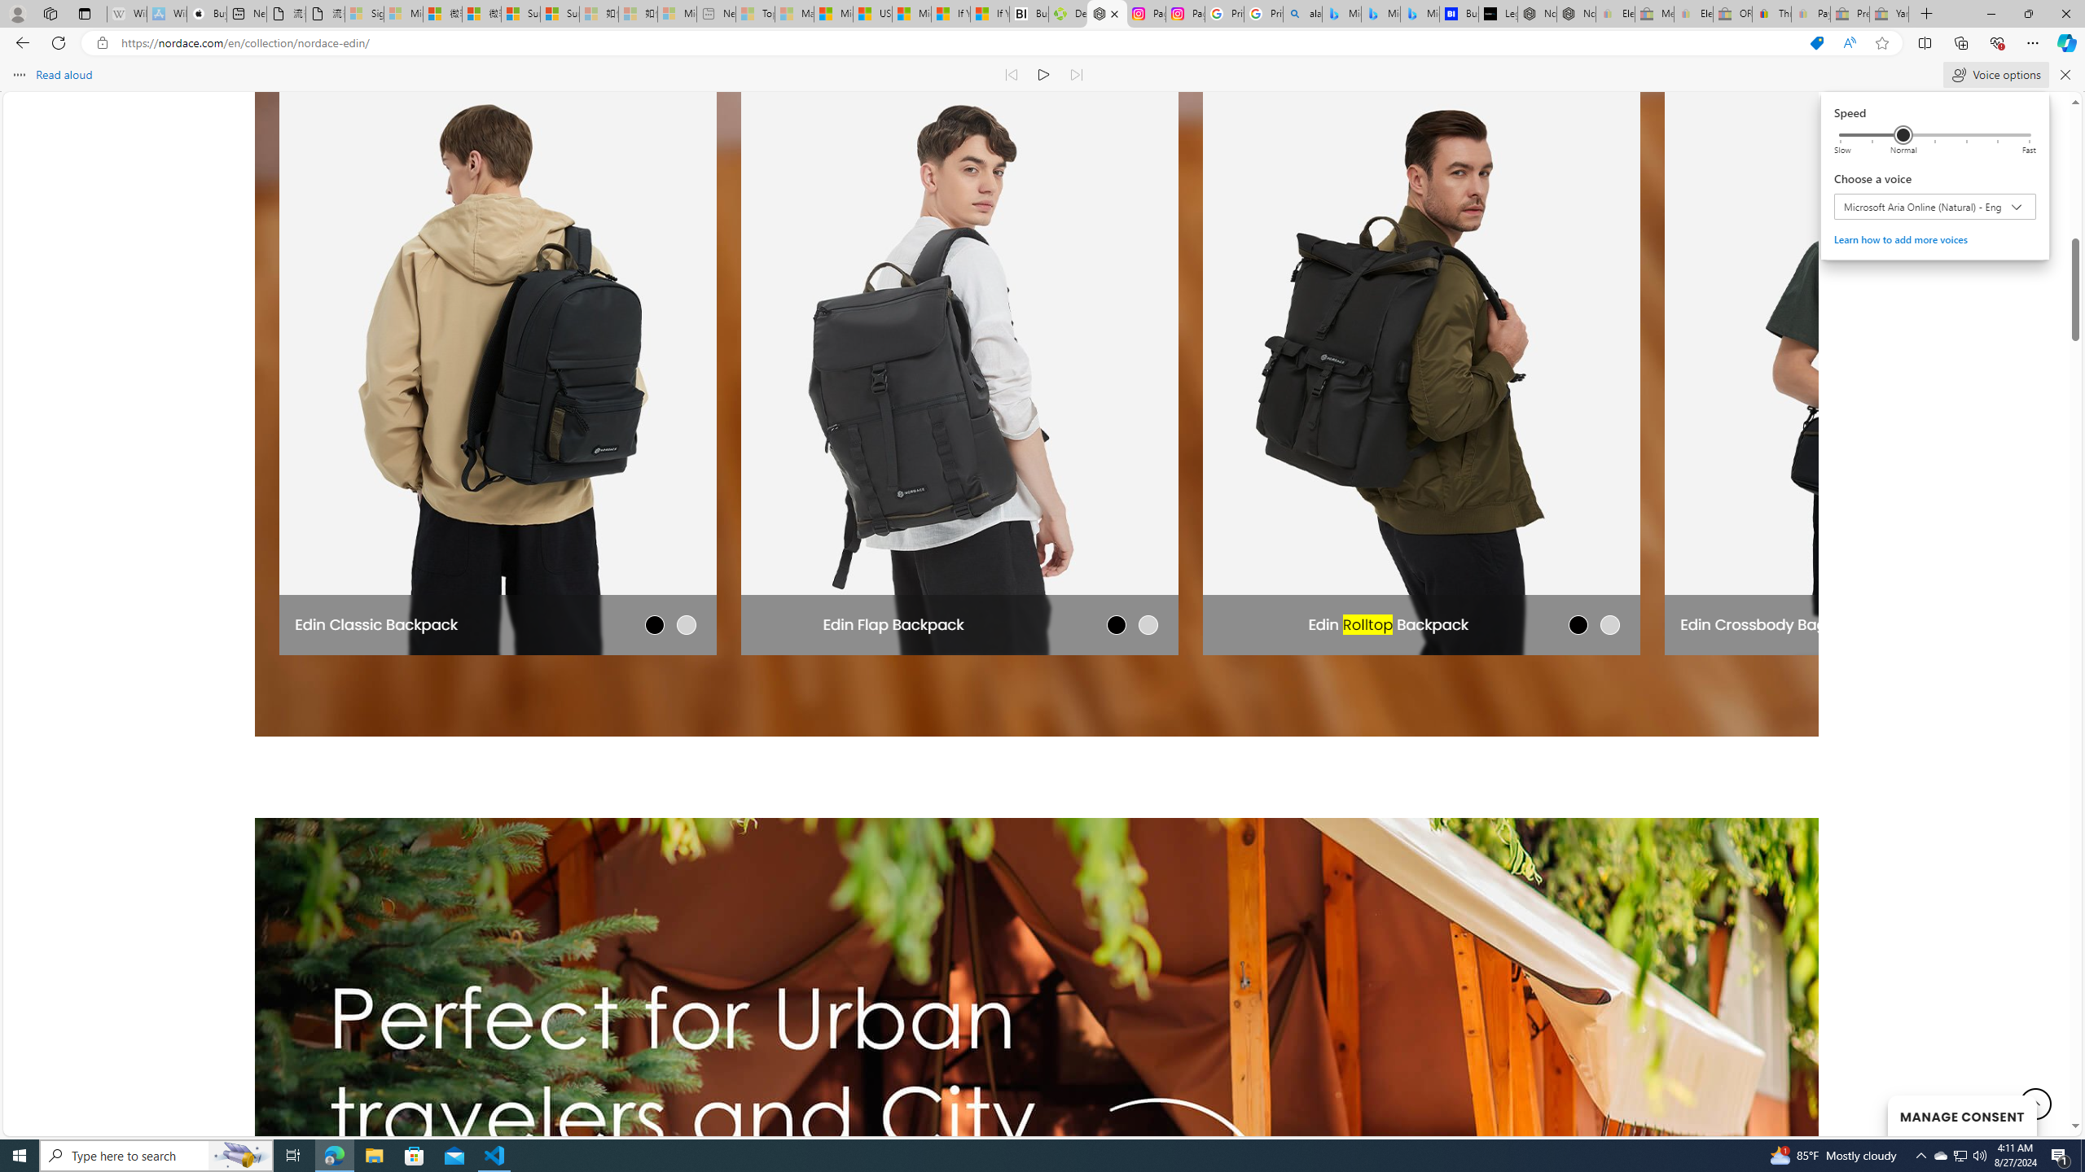 The image size is (2085, 1172). I want to click on 'Start', so click(20, 1154).